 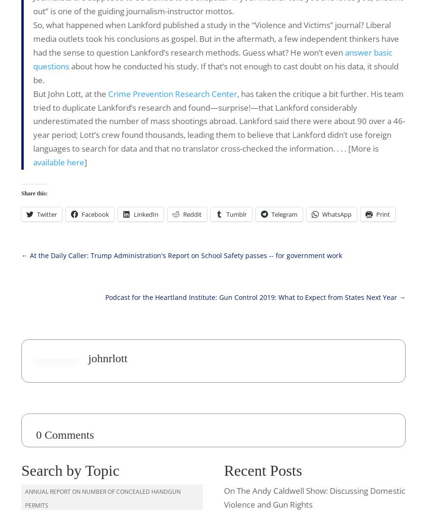 I want to click on 'Crime Prevention Research Center', so click(x=107, y=93).